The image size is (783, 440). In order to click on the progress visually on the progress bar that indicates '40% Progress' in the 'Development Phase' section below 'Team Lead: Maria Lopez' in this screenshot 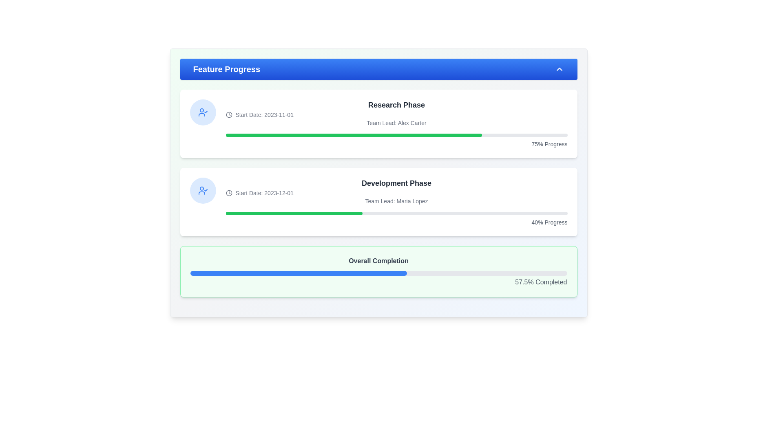, I will do `click(396, 213)`.